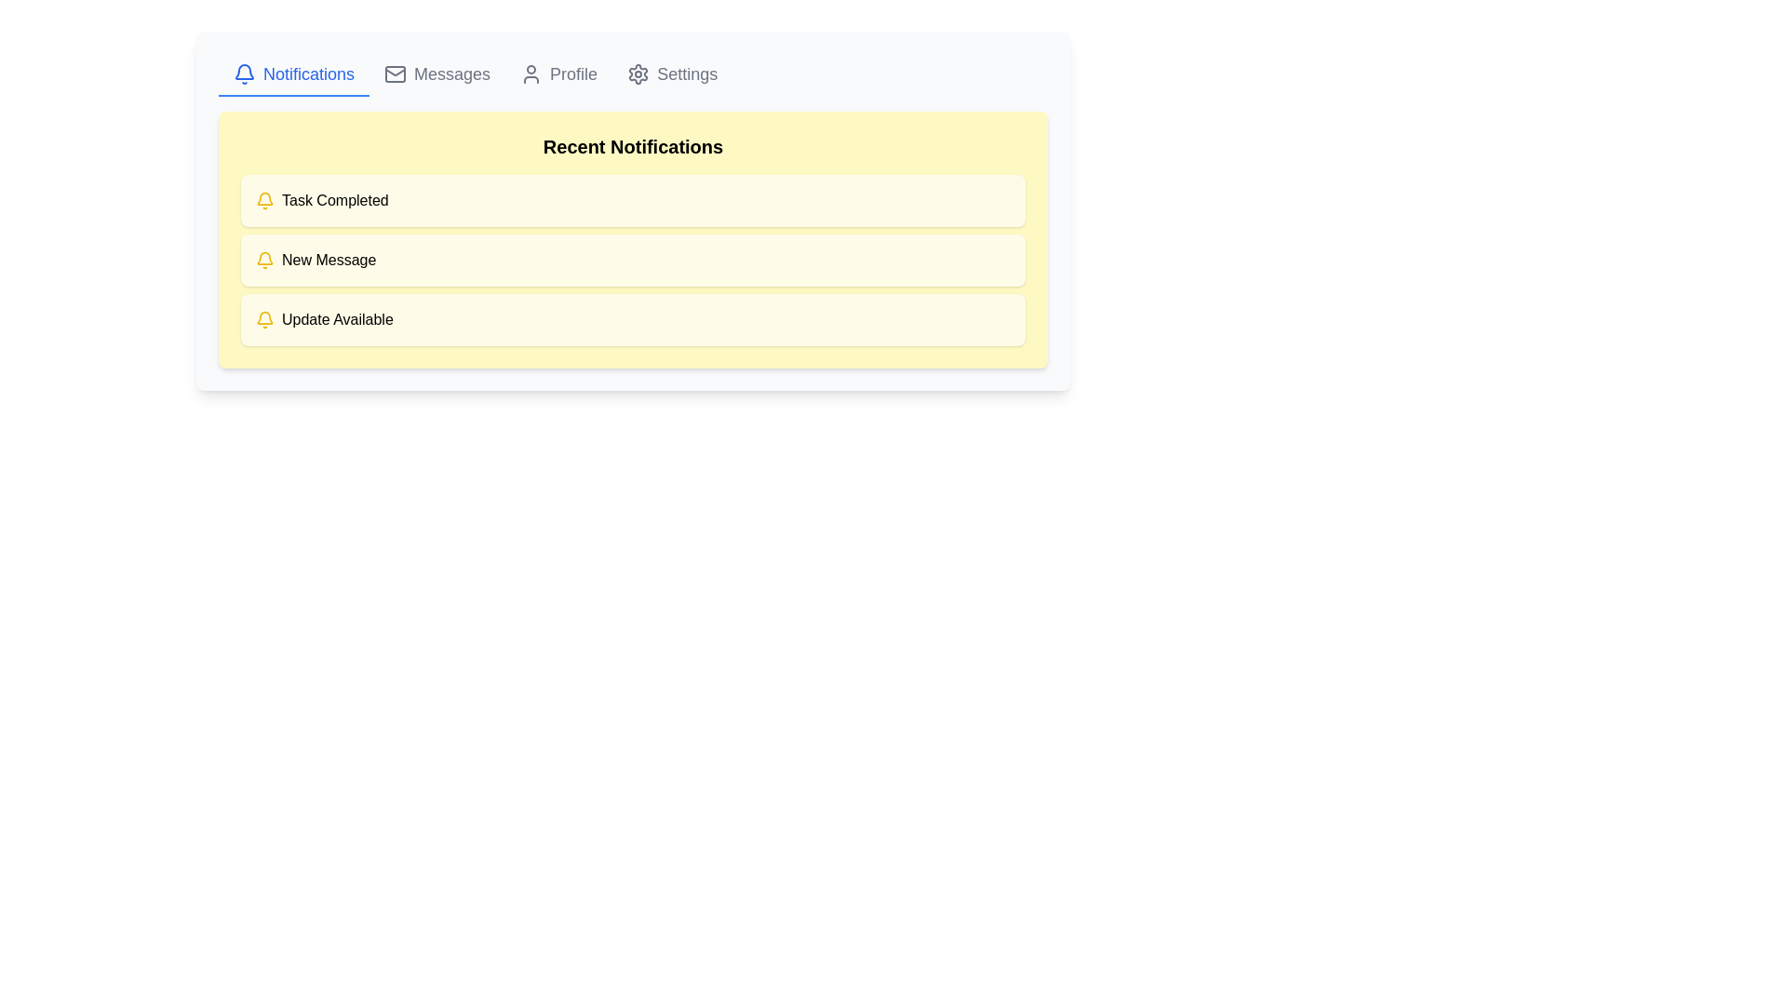  Describe the element at coordinates (263, 201) in the screenshot. I see `the first notification icon representing task completion, located on the left side of the 'Task Completed' text under the 'Recent Notifications' header` at that location.